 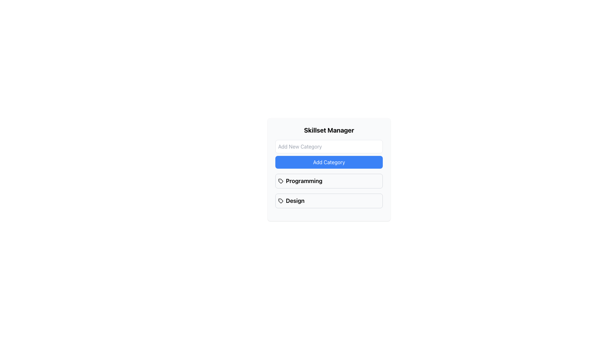 I want to click on the tag icon, which is a minimalistic slanted rectangular shape with a small circle, located to the left of the 'Design' text label in the 'Skillset Manager' section, so click(x=281, y=181).